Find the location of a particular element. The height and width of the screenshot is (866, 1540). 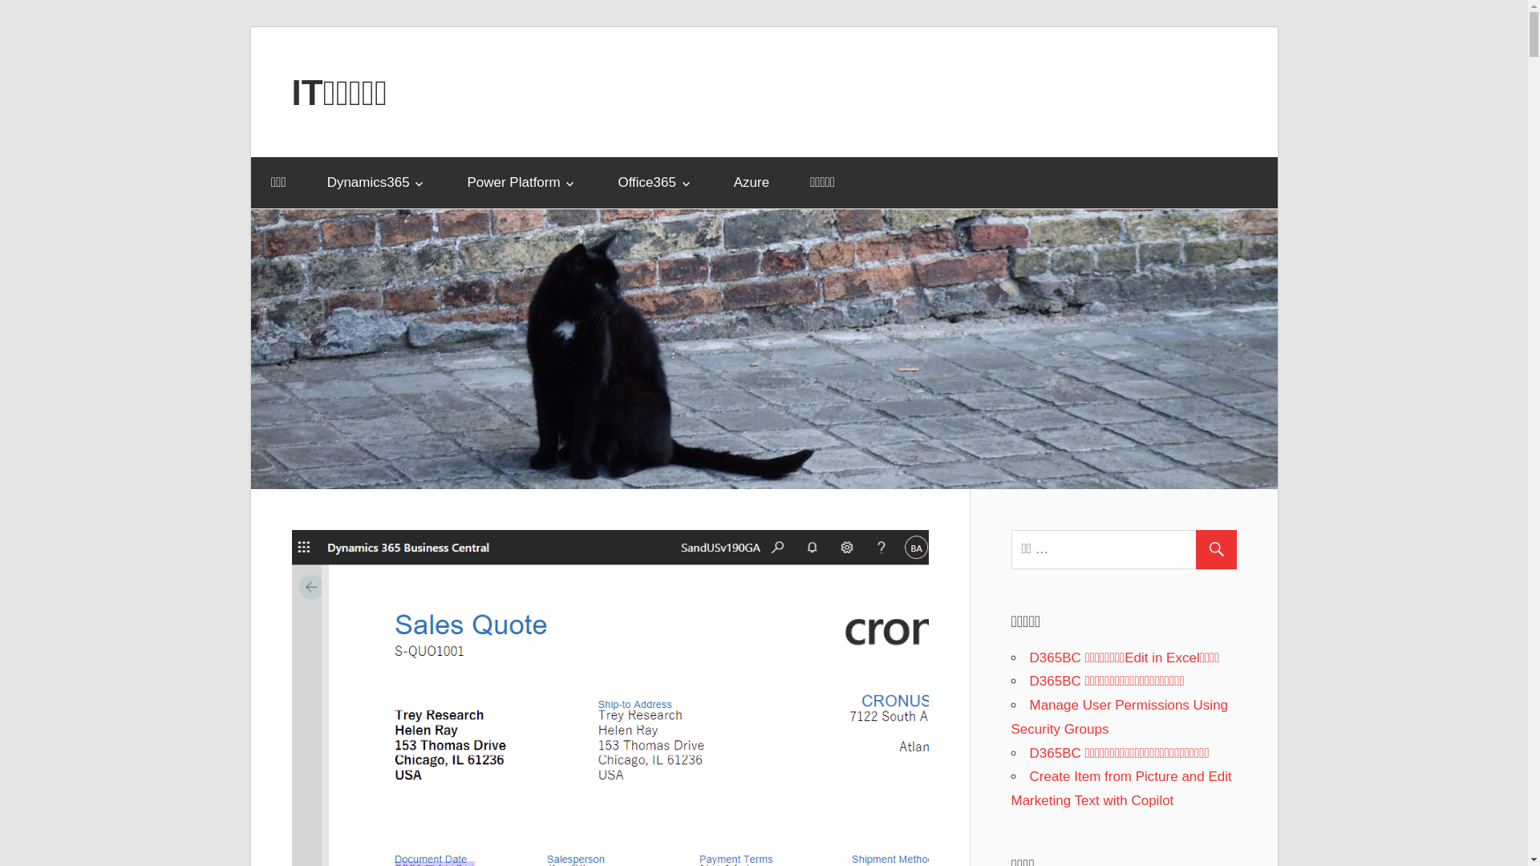

'Manage User Permissions Using Security Groups' is located at coordinates (1118, 716).